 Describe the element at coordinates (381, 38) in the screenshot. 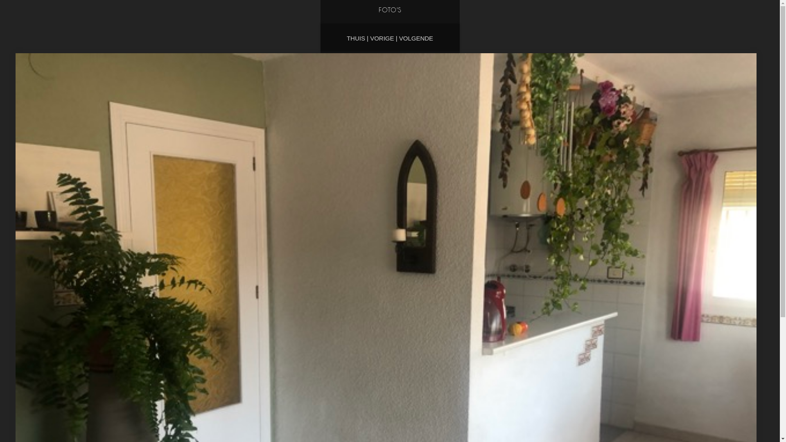

I see `'VORIGE'` at that location.